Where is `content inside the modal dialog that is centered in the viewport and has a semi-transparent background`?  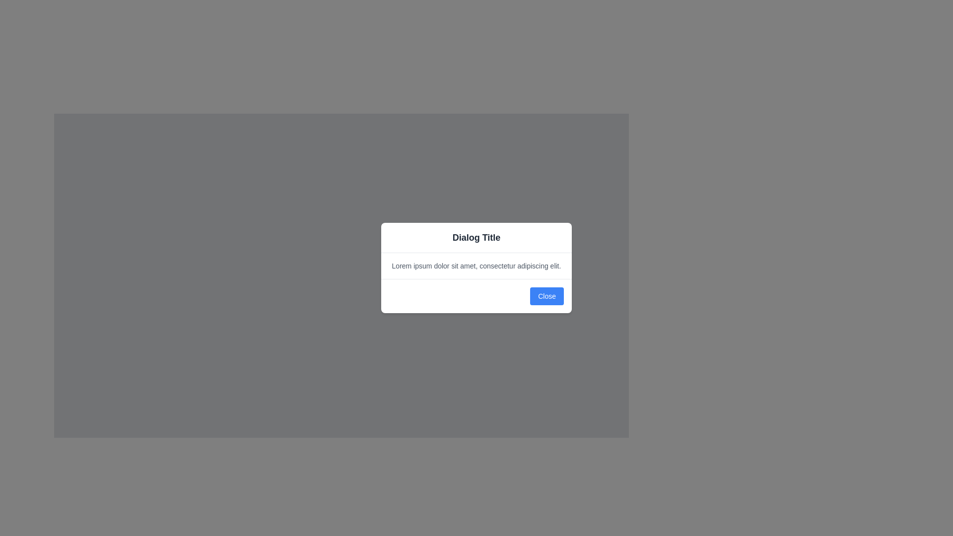
content inside the modal dialog that is centered in the viewport and has a semi-transparent background is located at coordinates (476, 268).